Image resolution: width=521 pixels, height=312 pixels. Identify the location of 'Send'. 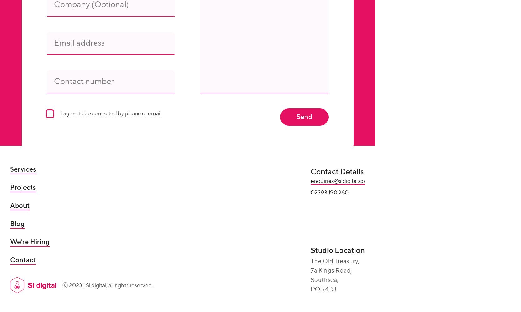
(295, 116).